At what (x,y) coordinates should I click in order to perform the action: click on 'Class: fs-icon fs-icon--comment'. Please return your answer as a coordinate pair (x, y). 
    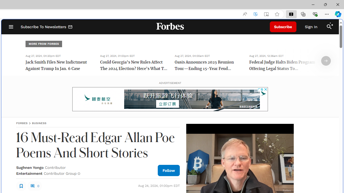
    Looking at the image, I should click on (32, 185).